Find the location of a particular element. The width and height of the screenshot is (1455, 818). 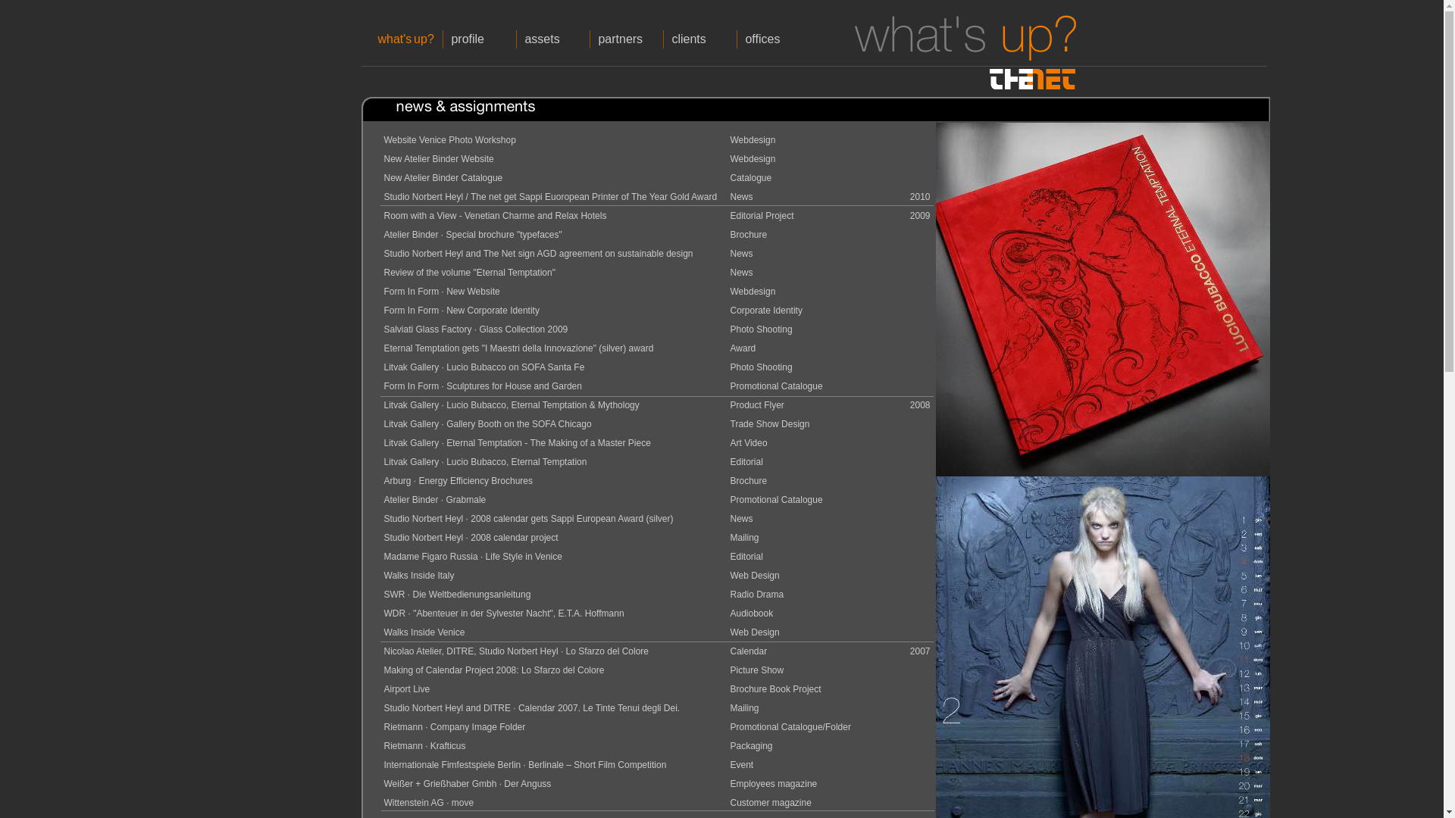

'profile' is located at coordinates (479, 38).